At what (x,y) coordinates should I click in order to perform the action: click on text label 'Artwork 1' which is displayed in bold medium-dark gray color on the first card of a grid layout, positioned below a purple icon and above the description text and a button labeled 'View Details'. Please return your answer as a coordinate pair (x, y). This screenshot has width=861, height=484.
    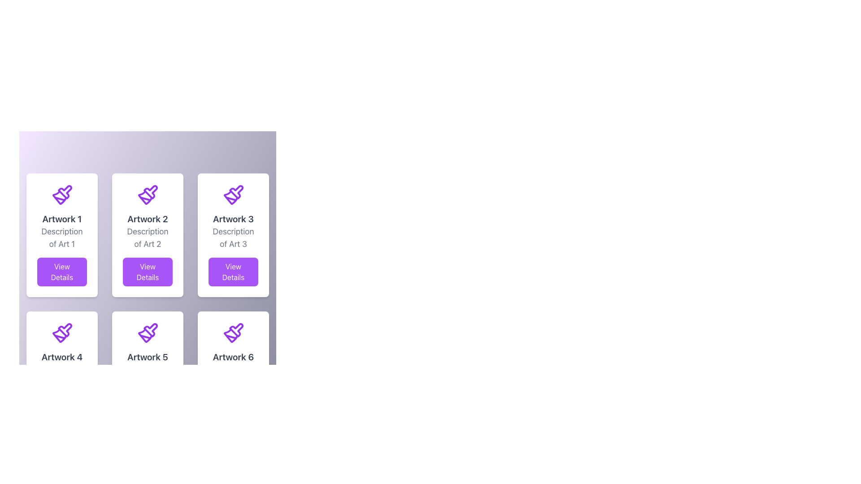
    Looking at the image, I should click on (61, 219).